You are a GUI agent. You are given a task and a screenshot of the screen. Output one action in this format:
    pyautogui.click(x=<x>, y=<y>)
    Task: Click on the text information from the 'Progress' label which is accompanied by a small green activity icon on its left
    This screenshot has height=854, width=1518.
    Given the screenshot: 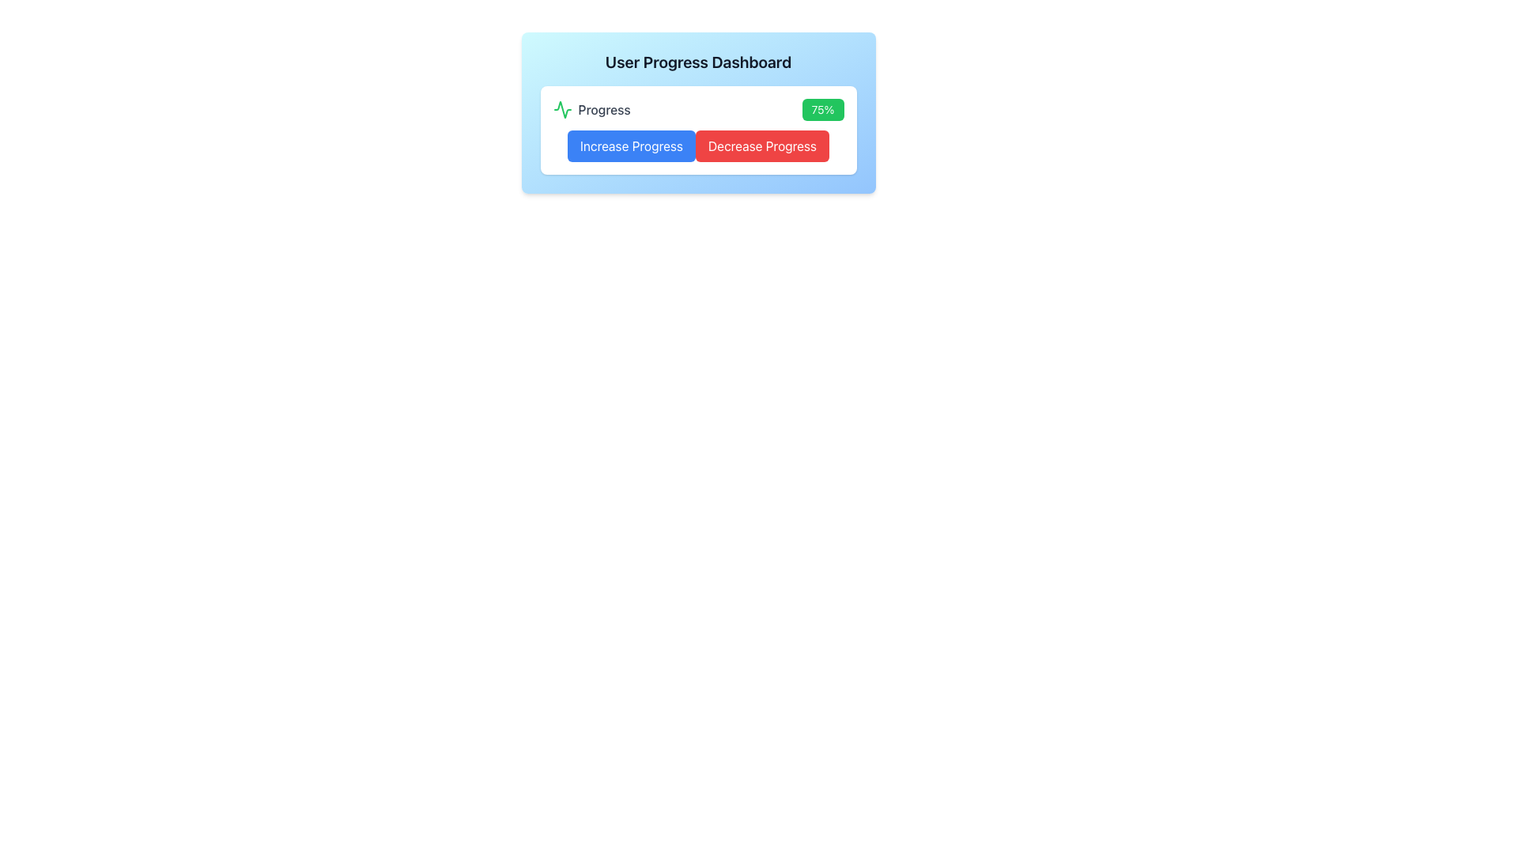 What is the action you would take?
    pyautogui.click(x=591, y=108)
    